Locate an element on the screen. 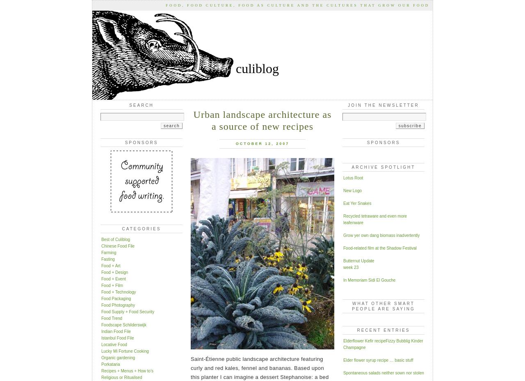 Image resolution: width=525 pixels, height=381 pixels. 'Food Packaging' is located at coordinates (101, 298).